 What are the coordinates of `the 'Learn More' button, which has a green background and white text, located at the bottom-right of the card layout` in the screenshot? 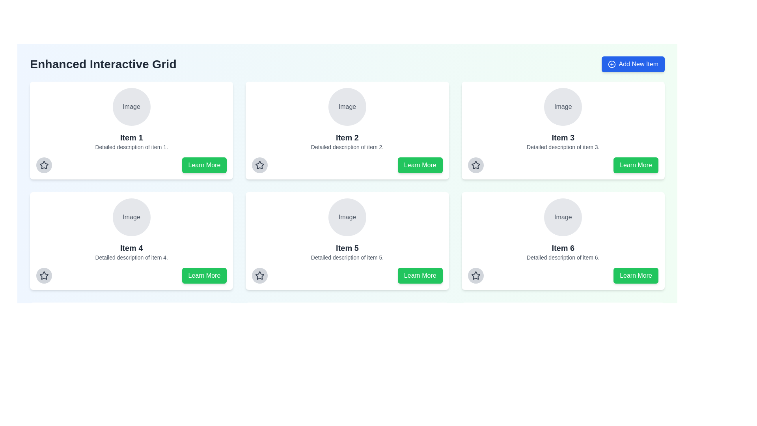 It's located at (204, 165).